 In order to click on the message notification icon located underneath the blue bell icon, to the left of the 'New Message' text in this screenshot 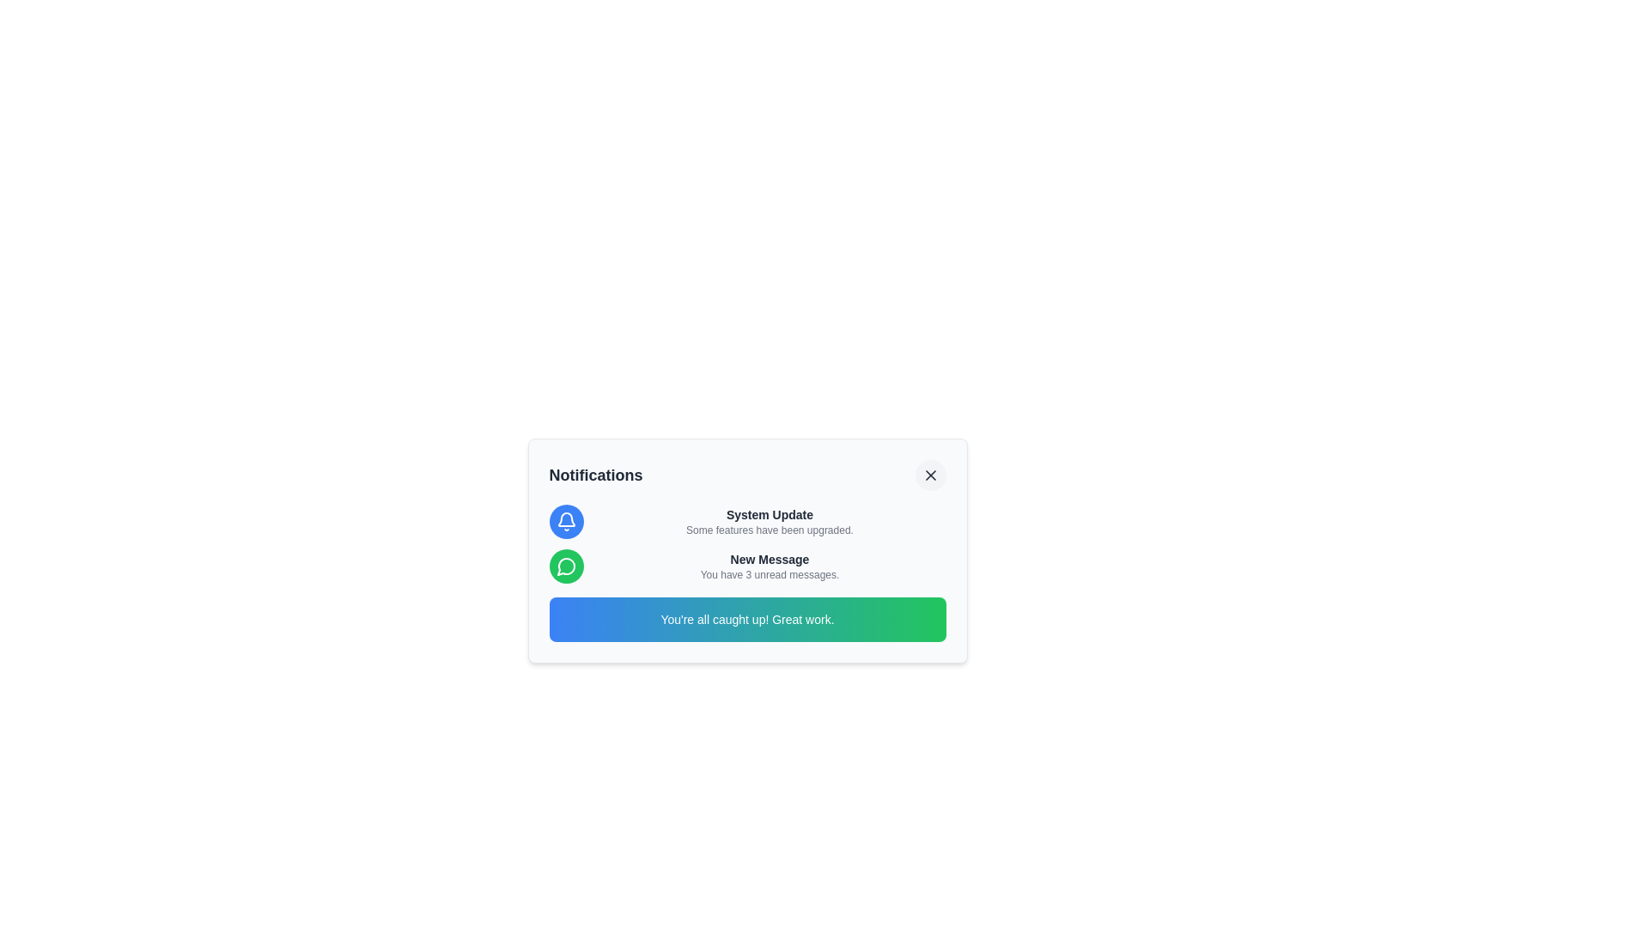, I will do `click(566, 566)`.